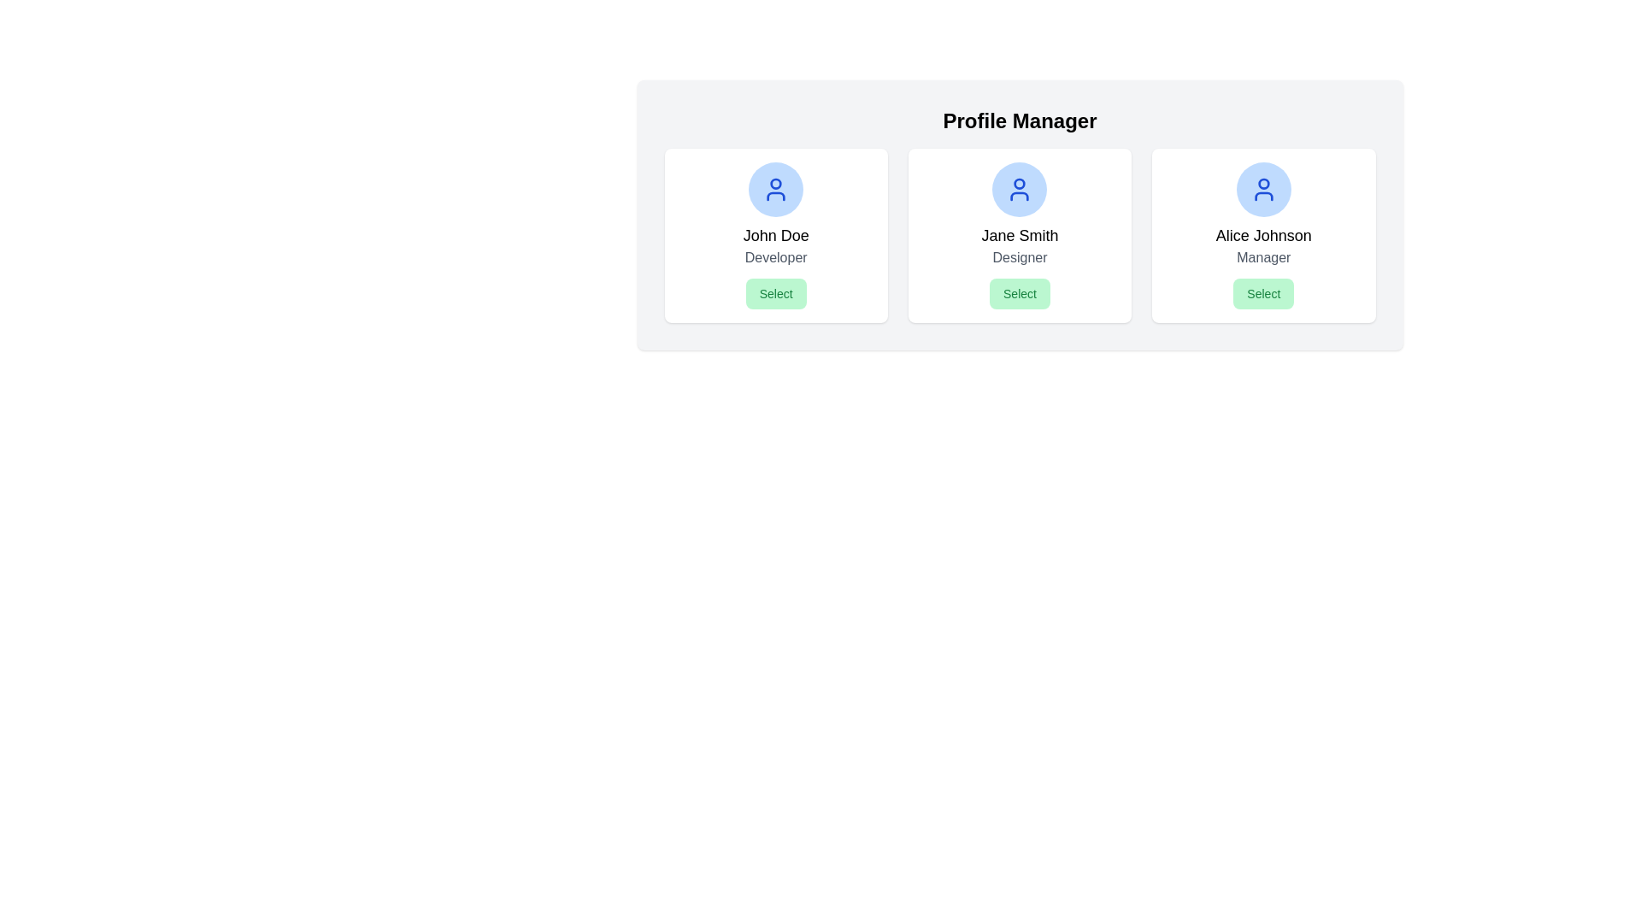 The height and width of the screenshot is (923, 1641). Describe the element at coordinates (1020, 190) in the screenshot. I see `the user profile icon located in the upper portion of the center card, which is above the name label 'Jane Smith' and the title 'Designer', within a light blue circular background` at that location.